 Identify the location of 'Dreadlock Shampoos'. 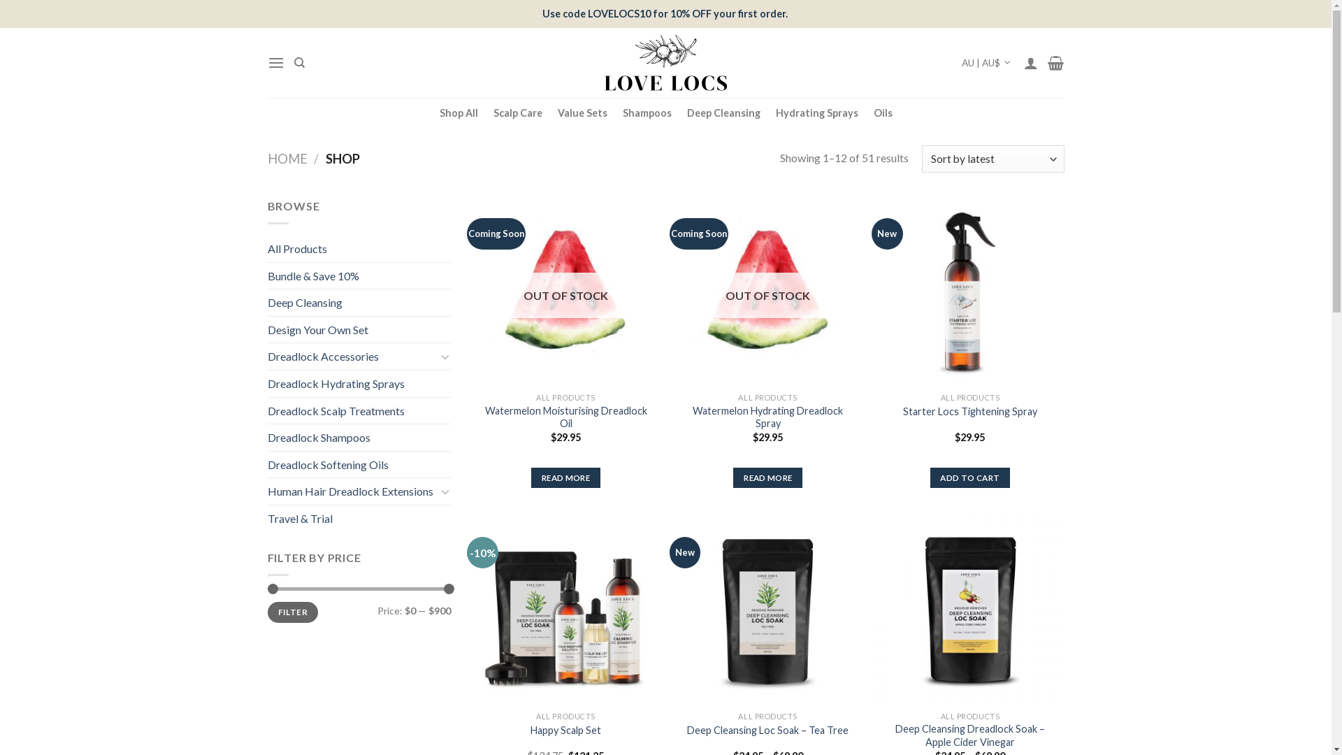
(359, 436).